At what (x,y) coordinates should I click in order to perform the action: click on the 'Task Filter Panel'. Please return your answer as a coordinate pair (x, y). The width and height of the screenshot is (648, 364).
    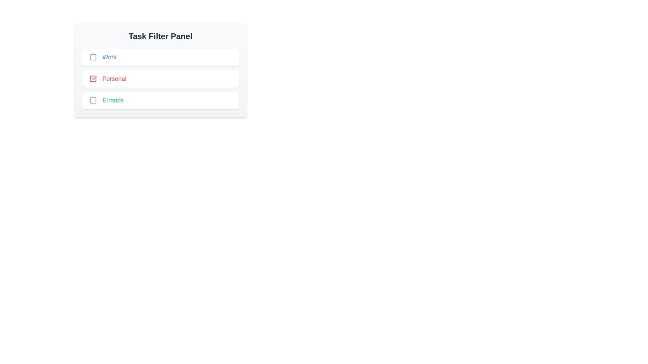
    Looking at the image, I should click on (160, 70).